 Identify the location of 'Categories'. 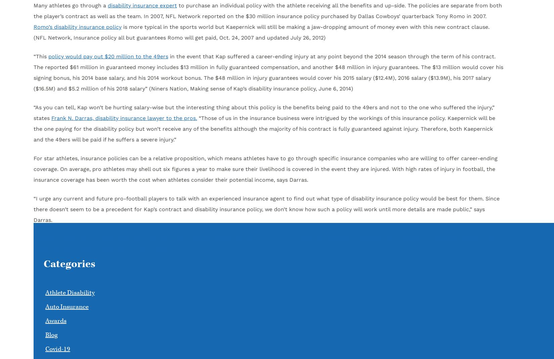
(70, 264).